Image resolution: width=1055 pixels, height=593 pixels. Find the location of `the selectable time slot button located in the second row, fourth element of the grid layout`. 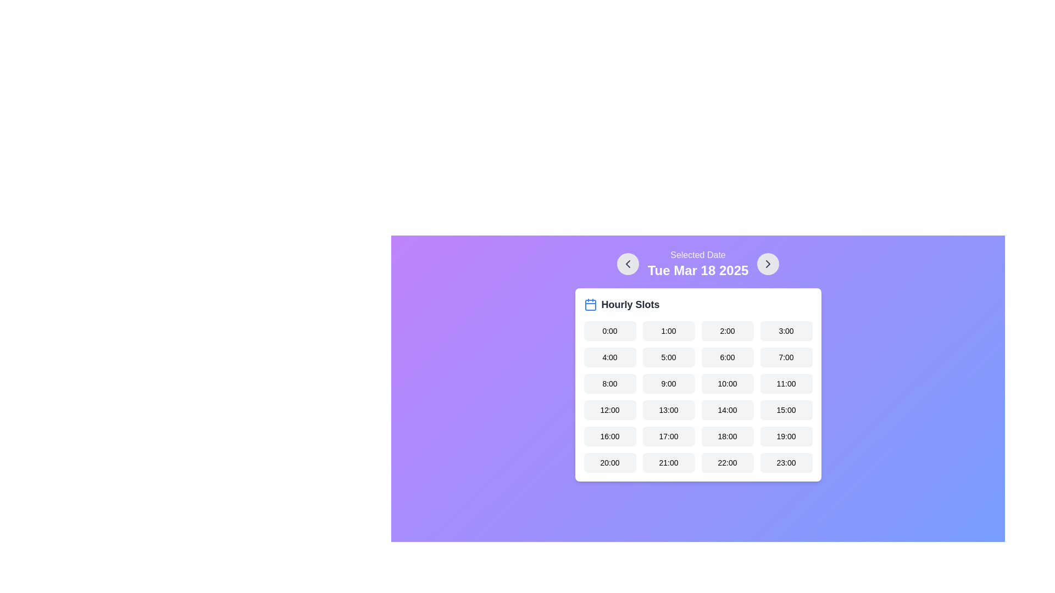

the selectable time slot button located in the second row, fourth element of the grid layout is located at coordinates (785, 357).